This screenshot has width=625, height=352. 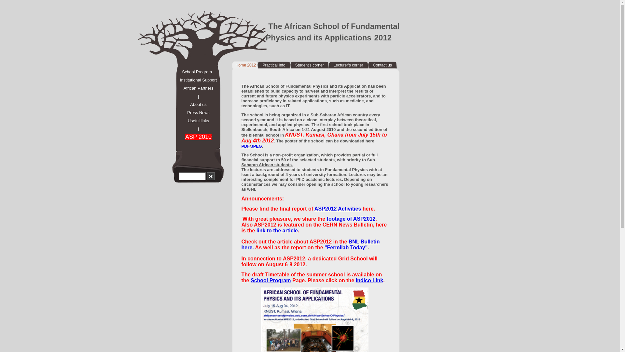 I want to click on 'Lecturer's corner', so click(x=348, y=65).